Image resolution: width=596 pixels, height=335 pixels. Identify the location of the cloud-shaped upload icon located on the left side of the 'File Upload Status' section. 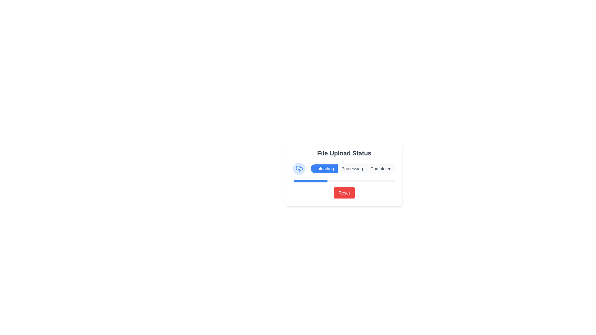
(299, 168).